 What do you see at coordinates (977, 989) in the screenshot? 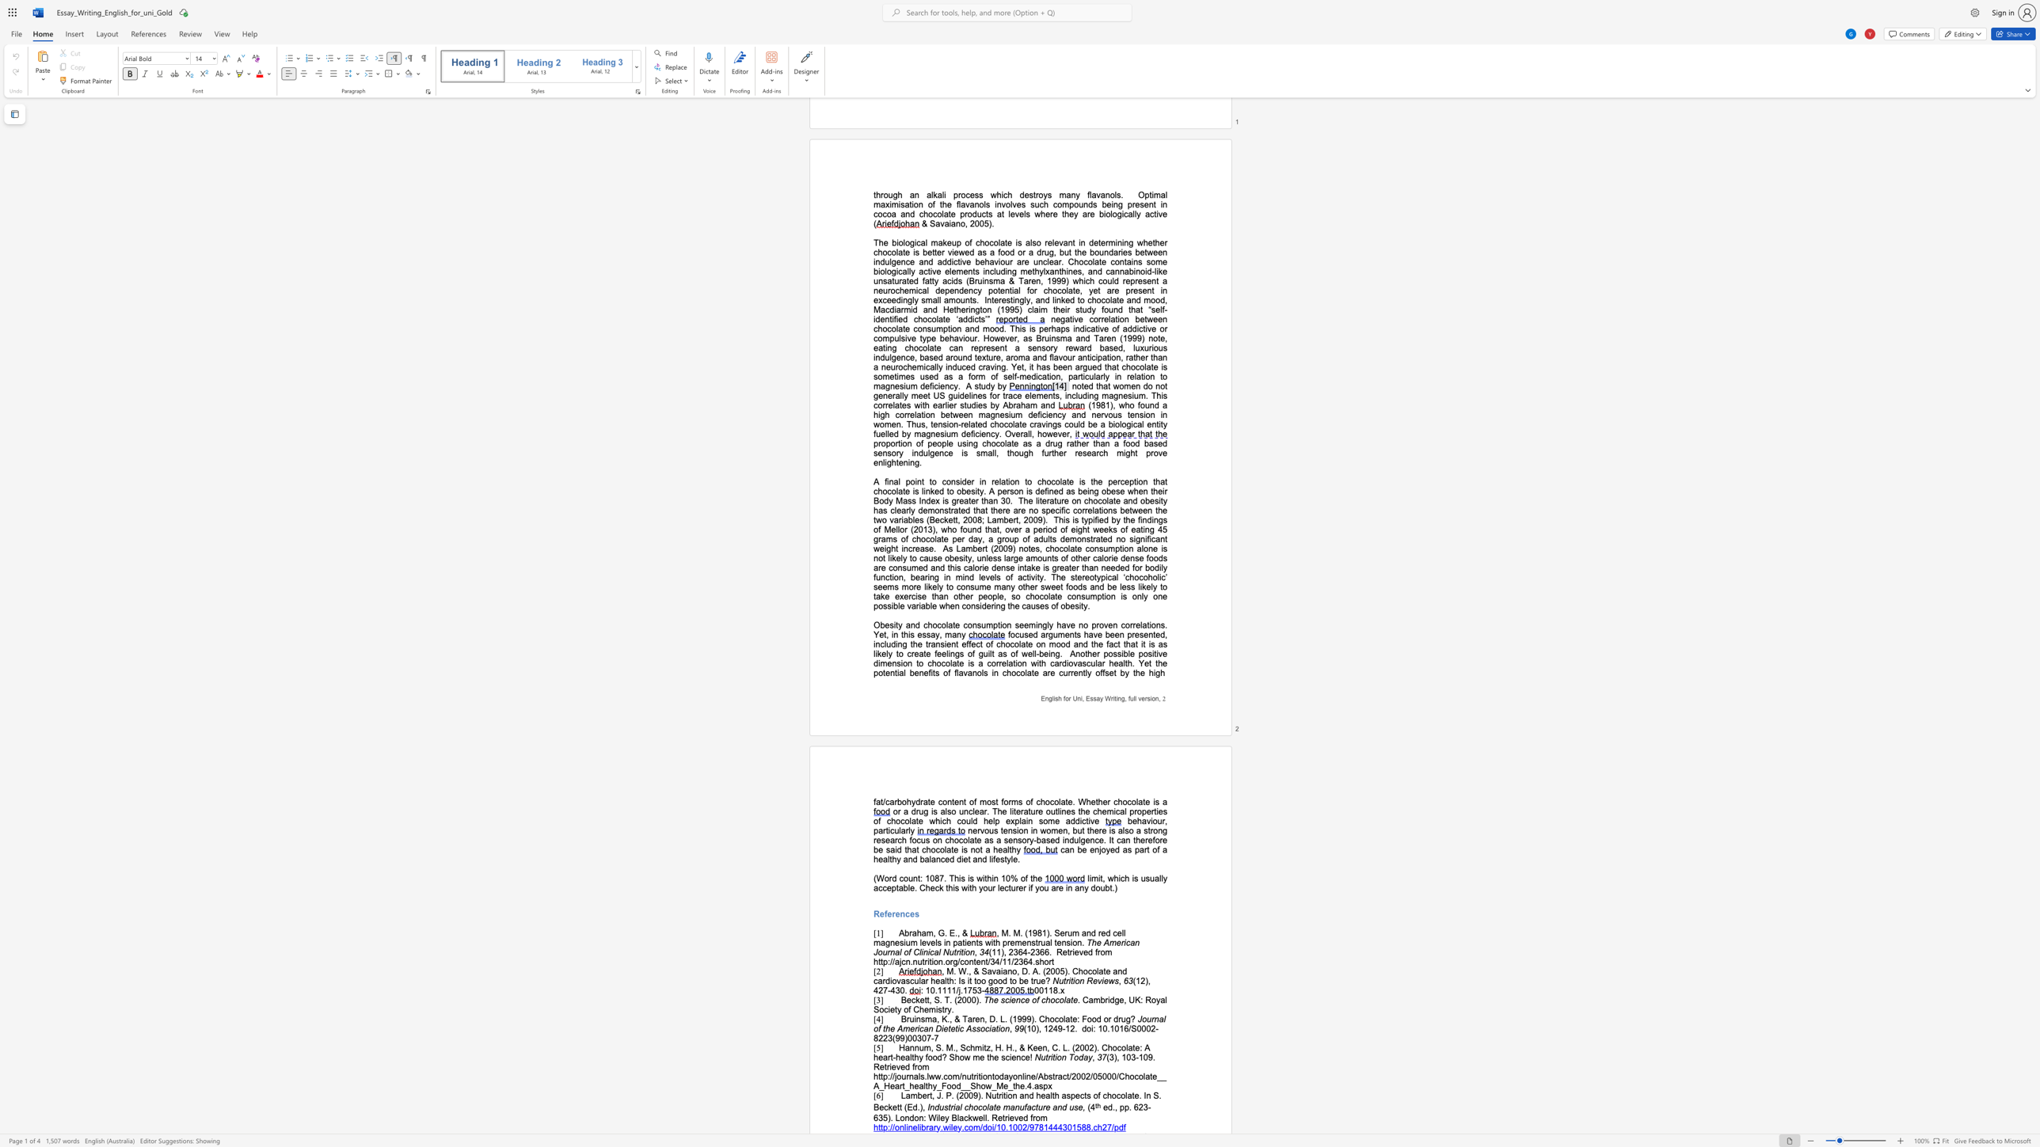
I see `the subset text "3-" within the text ": 10.1111/j.1753-"` at bounding box center [977, 989].